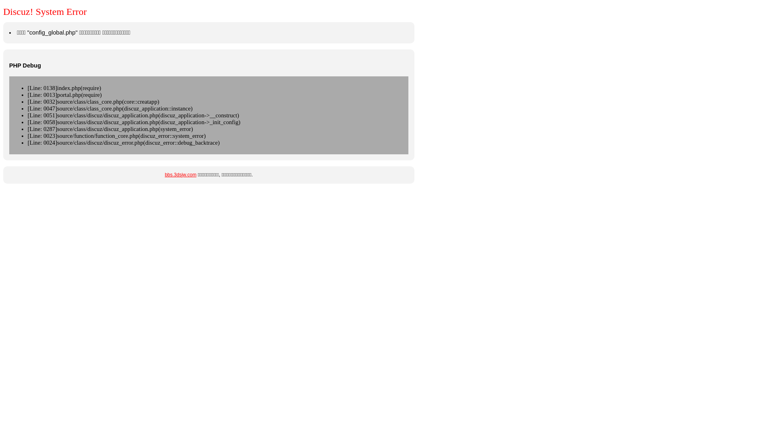 The image size is (771, 434). What do you see at coordinates (180, 174) in the screenshot?
I see `'bbs.3dsjw.com'` at bounding box center [180, 174].